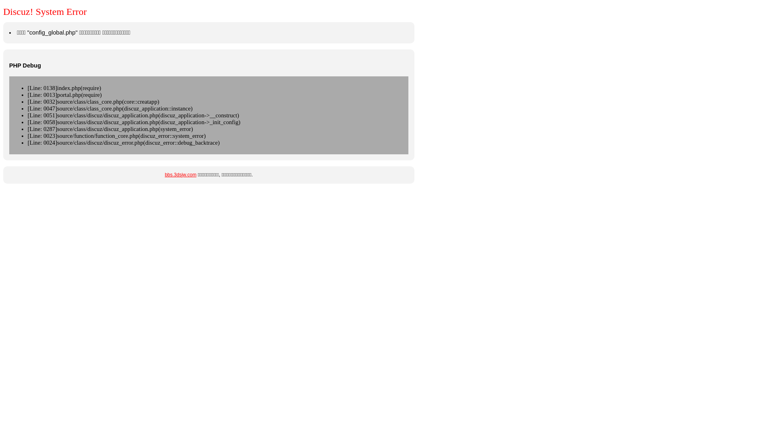 The image size is (771, 434). What do you see at coordinates (180, 174) in the screenshot?
I see `'bbs.3dsjw.com'` at bounding box center [180, 174].